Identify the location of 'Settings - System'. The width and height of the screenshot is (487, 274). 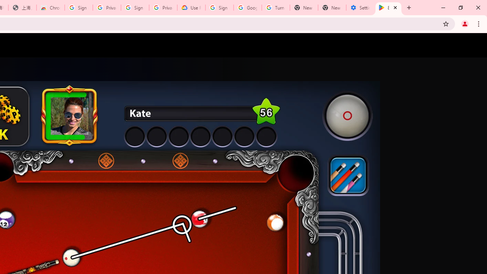
(360, 8).